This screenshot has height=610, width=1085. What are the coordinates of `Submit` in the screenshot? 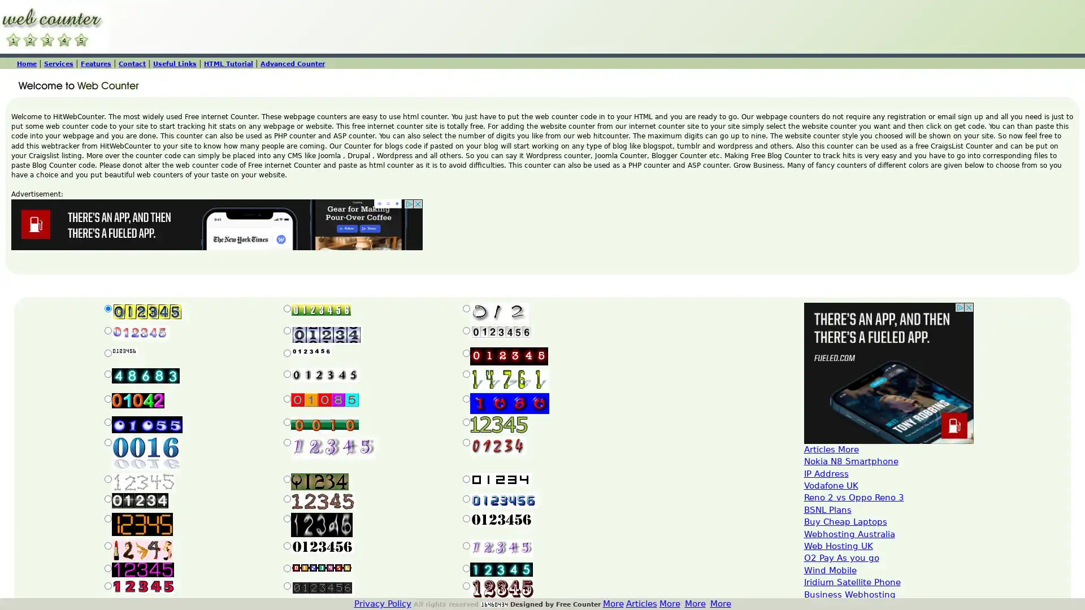 It's located at (320, 525).